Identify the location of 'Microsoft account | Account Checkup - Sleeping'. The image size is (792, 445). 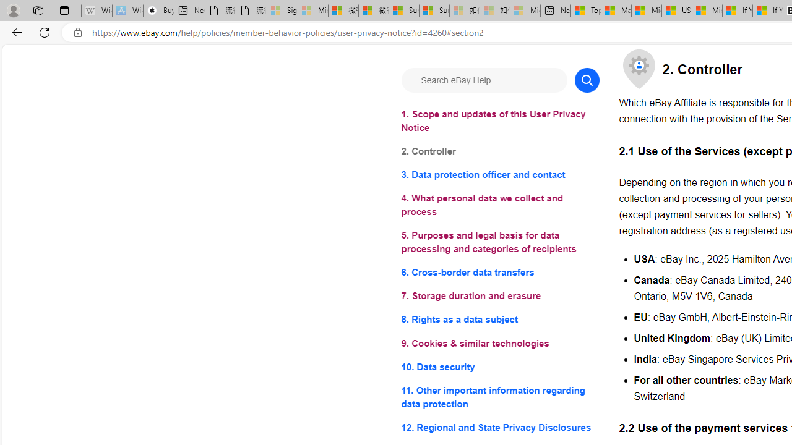
(525, 11).